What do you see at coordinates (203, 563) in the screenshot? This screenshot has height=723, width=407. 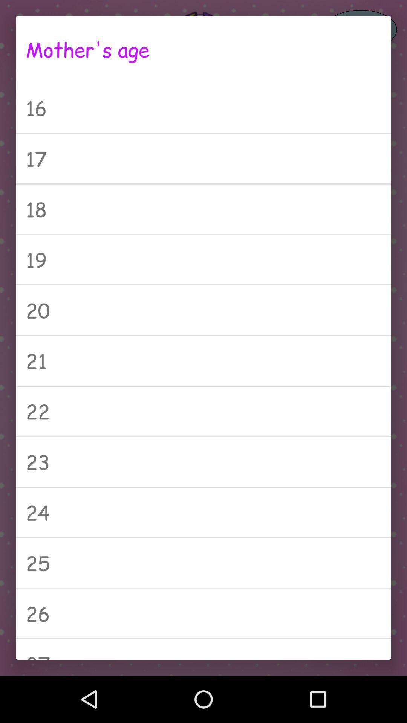 I see `the item above 26 item` at bounding box center [203, 563].